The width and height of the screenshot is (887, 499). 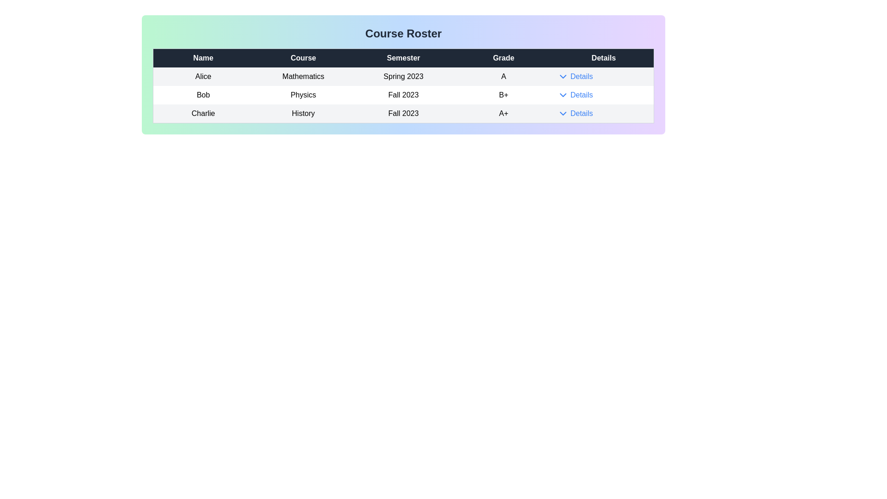 I want to click on text of the course name label located in the second column of the 'Course Roster' table, positioned between the 'Alice' label and the 'Spring 2023' label, so click(x=303, y=76).